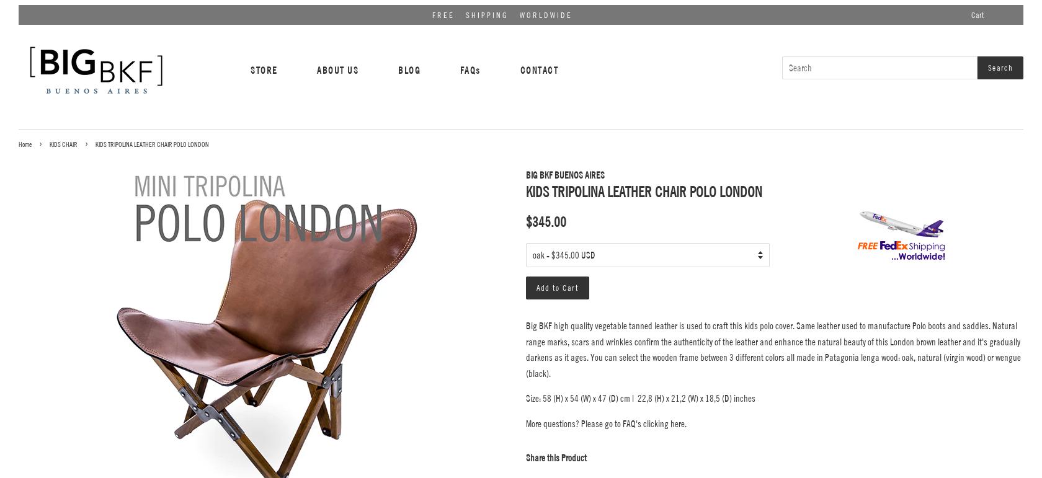 The width and height of the screenshot is (1042, 478). I want to click on 'Share this Product', so click(525, 458).